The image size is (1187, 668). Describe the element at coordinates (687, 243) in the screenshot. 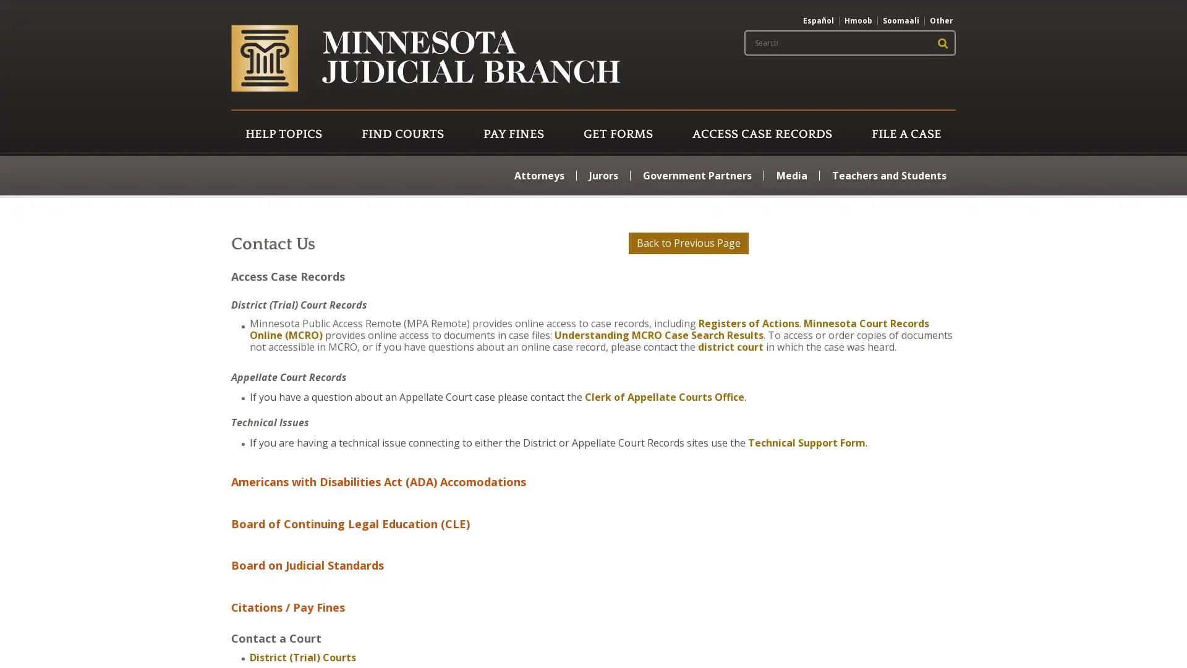

I see `Back to Previous Page` at that location.